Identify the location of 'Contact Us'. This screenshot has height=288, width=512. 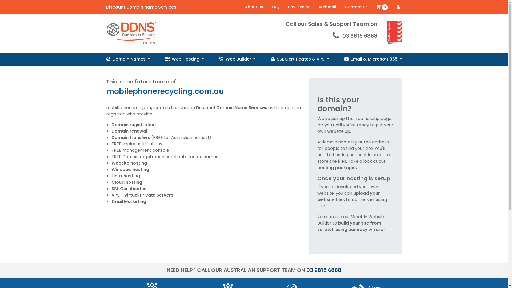
(356, 7).